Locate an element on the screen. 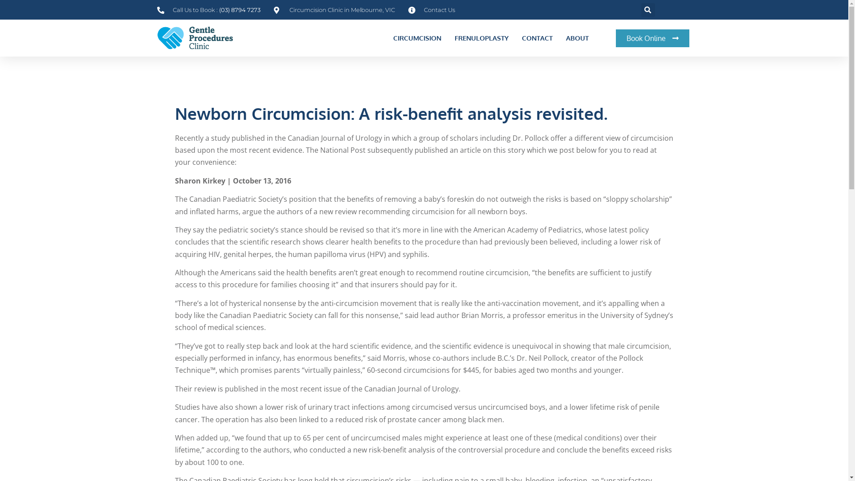  'ABOUT' is located at coordinates (577, 37).